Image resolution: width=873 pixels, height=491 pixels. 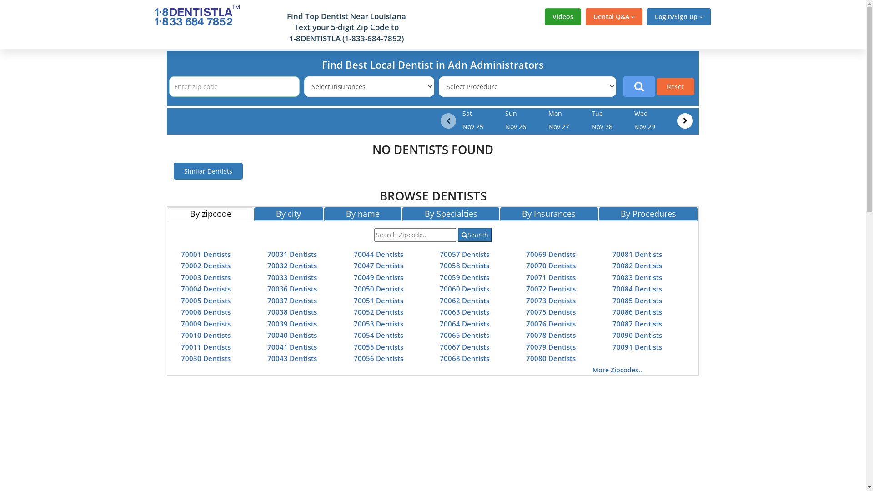 What do you see at coordinates (637, 254) in the screenshot?
I see `'70081 Dentists'` at bounding box center [637, 254].